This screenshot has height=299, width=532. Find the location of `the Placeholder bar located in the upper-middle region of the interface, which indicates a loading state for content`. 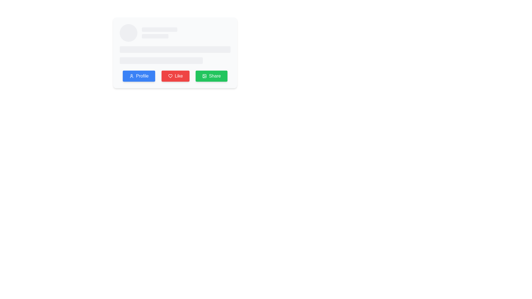

the Placeholder bar located in the upper-middle region of the interface, which indicates a loading state for content is located at coordinates (175, 49).